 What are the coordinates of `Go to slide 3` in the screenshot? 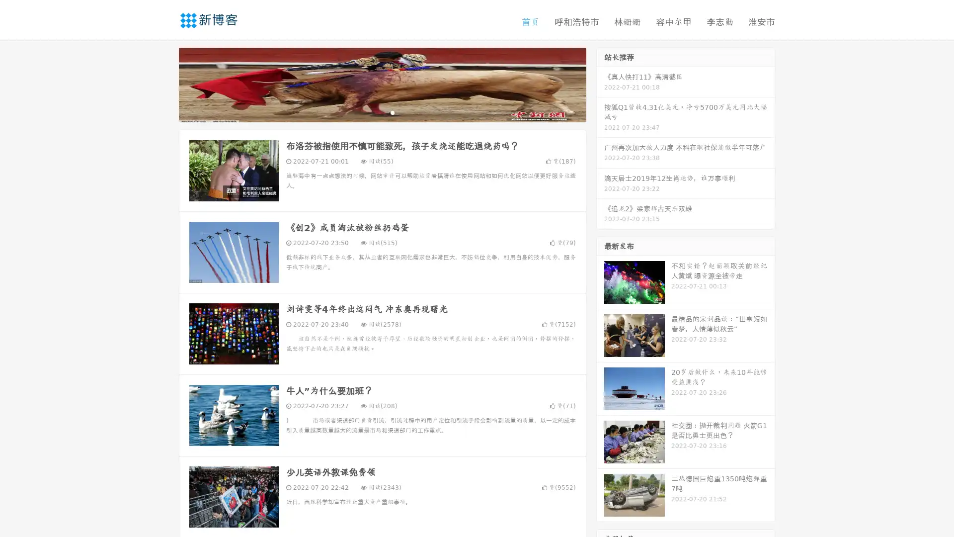 It's located at (392, 112).